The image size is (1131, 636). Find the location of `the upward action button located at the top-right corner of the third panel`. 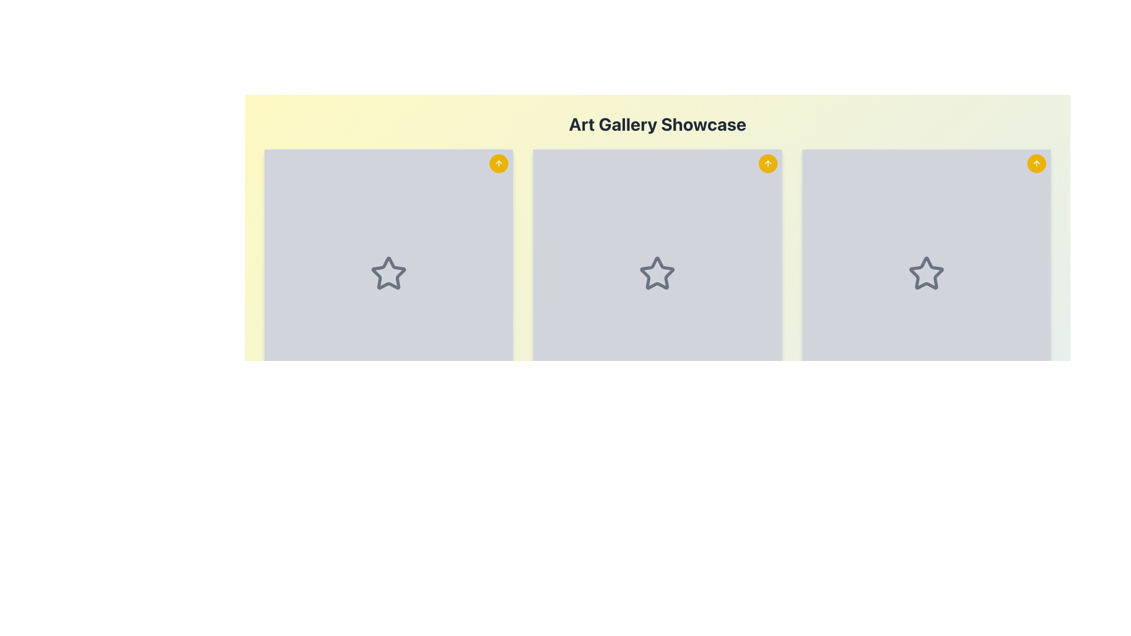

the upward action button located at the top-right corner of the third panel is located at coordinates (1037, 163).